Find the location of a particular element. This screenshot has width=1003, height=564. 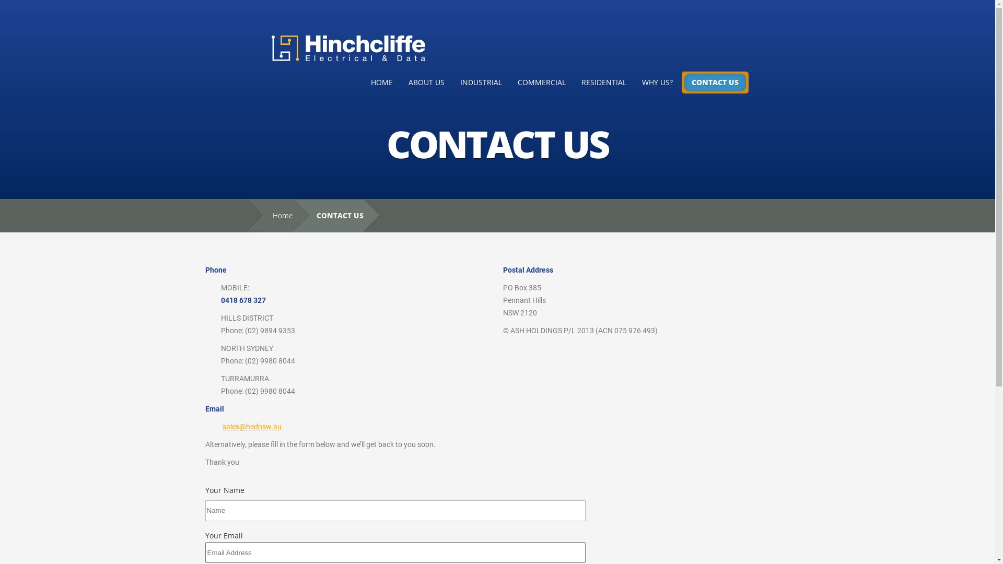

'WHY US?' is located at coordinates (657, 82).